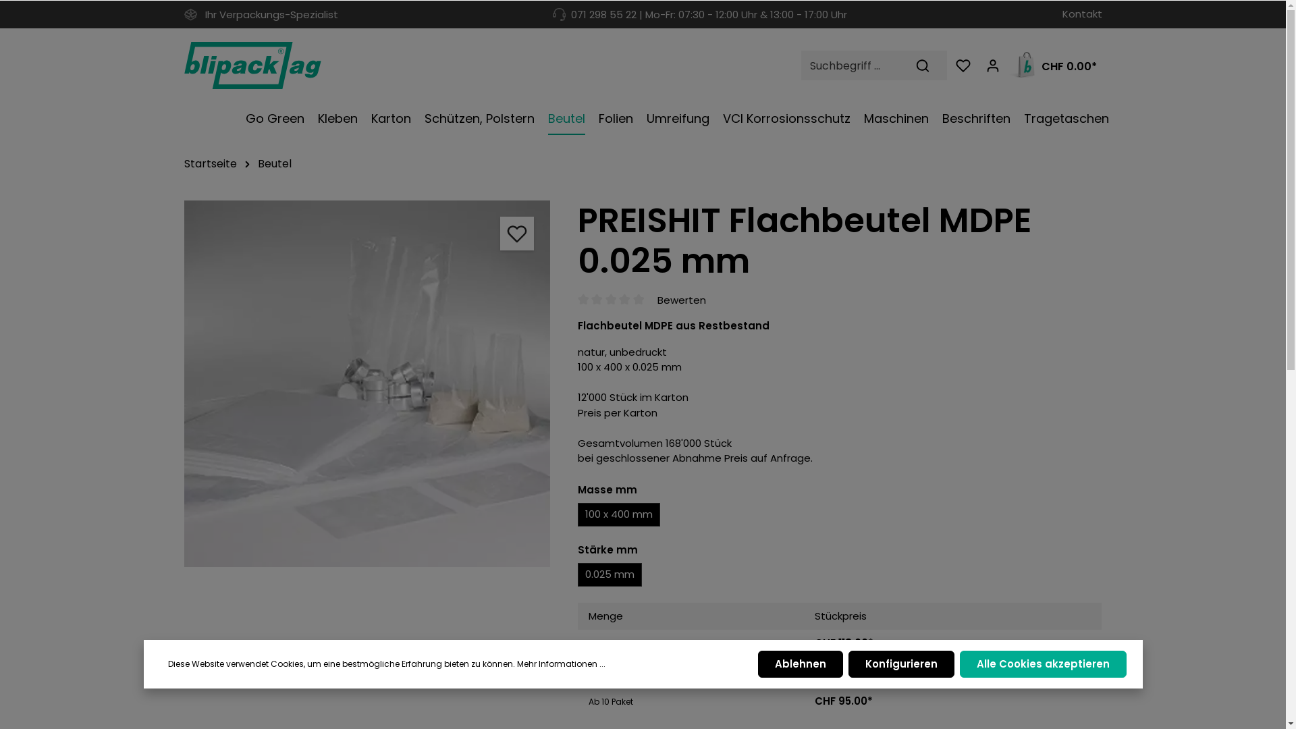  Describe the element at coordinates (681, 299) in the screenshot. I see `'Bewerten'` at that location.